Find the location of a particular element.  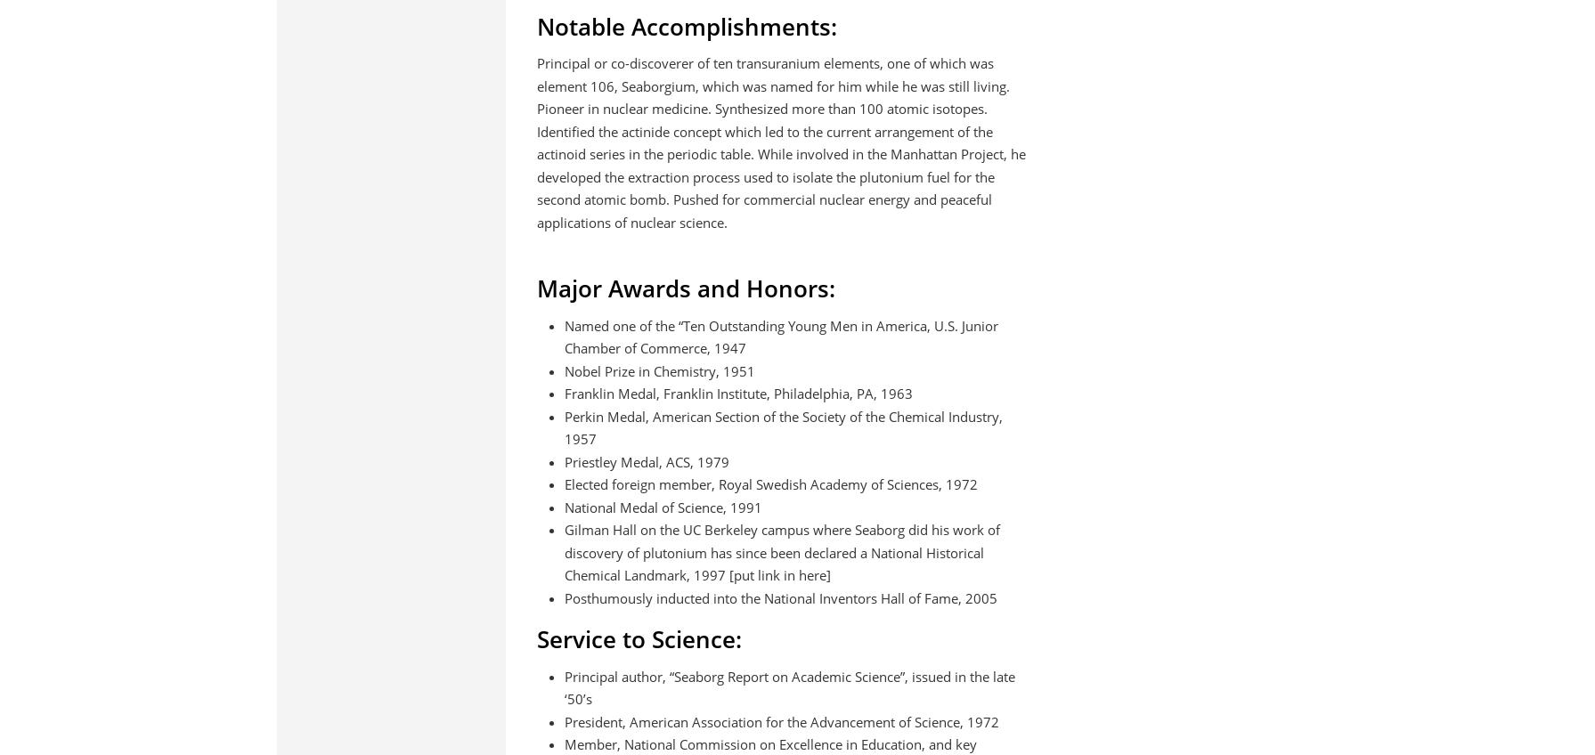

'Priestley Medal, ACS, 1979' is located at coordinates (646, 460).